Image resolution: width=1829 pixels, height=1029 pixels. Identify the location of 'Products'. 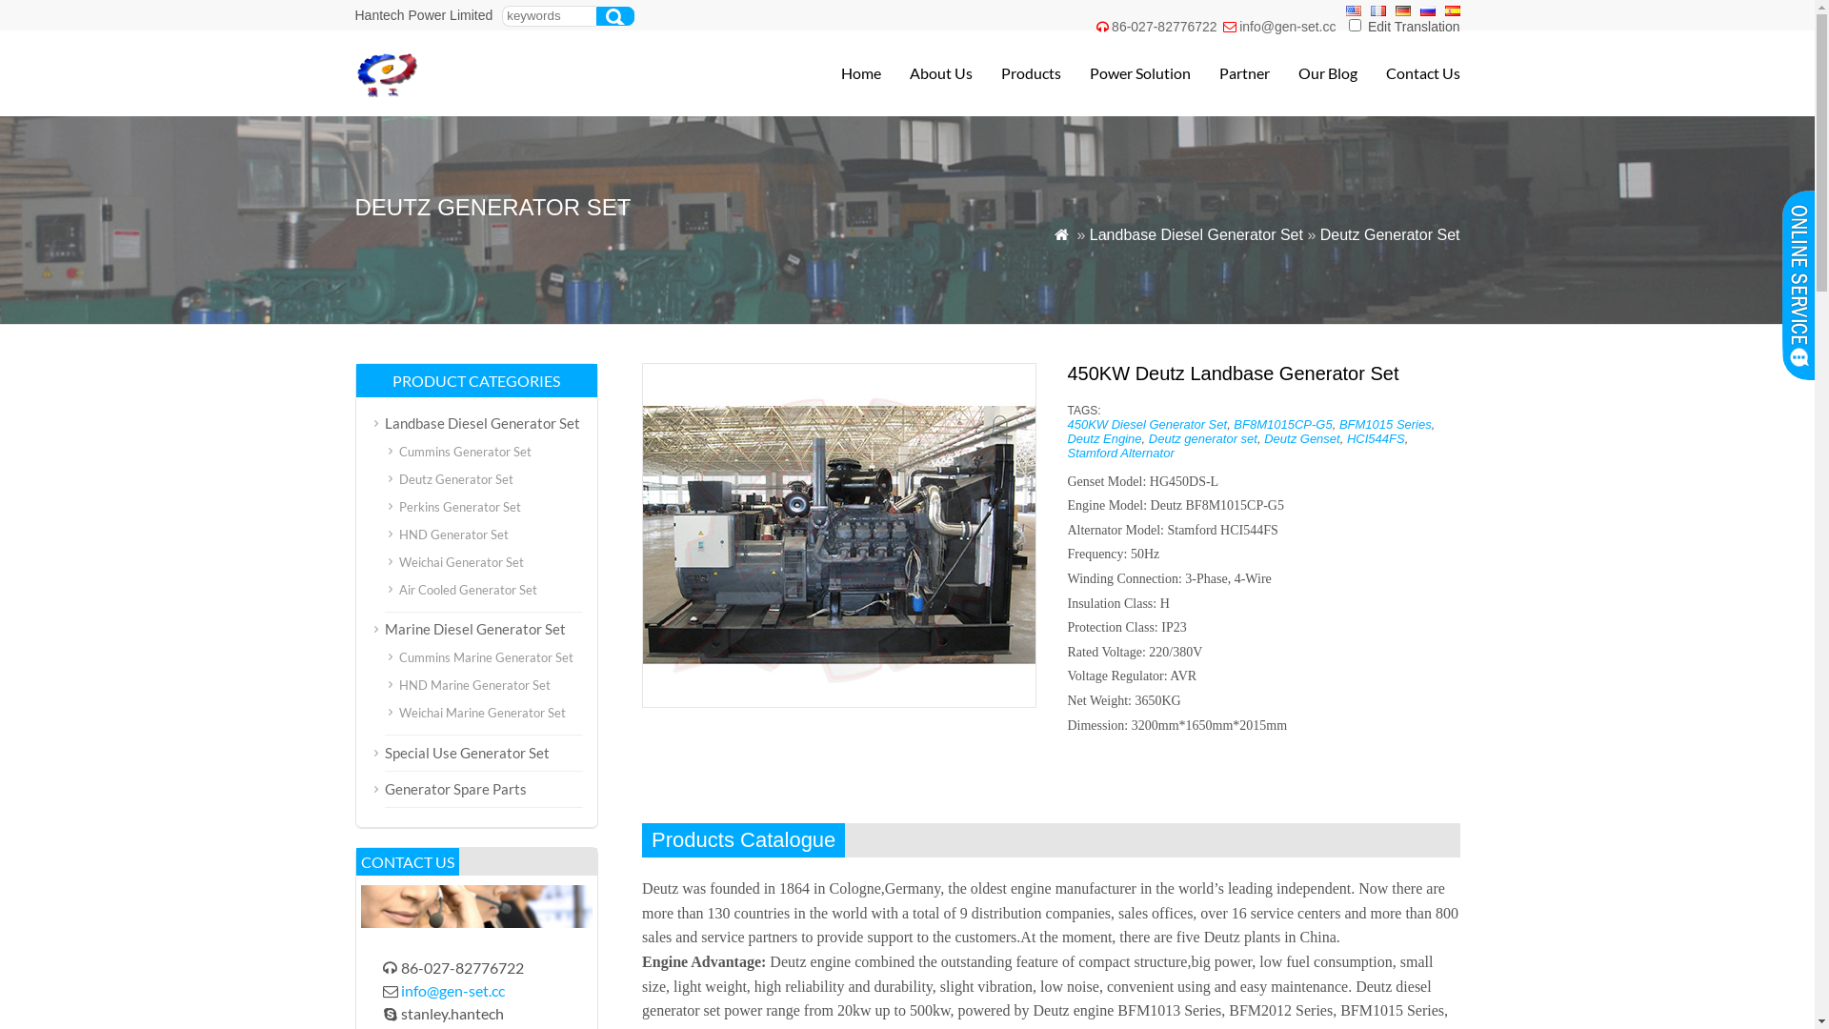
(1015, 72).